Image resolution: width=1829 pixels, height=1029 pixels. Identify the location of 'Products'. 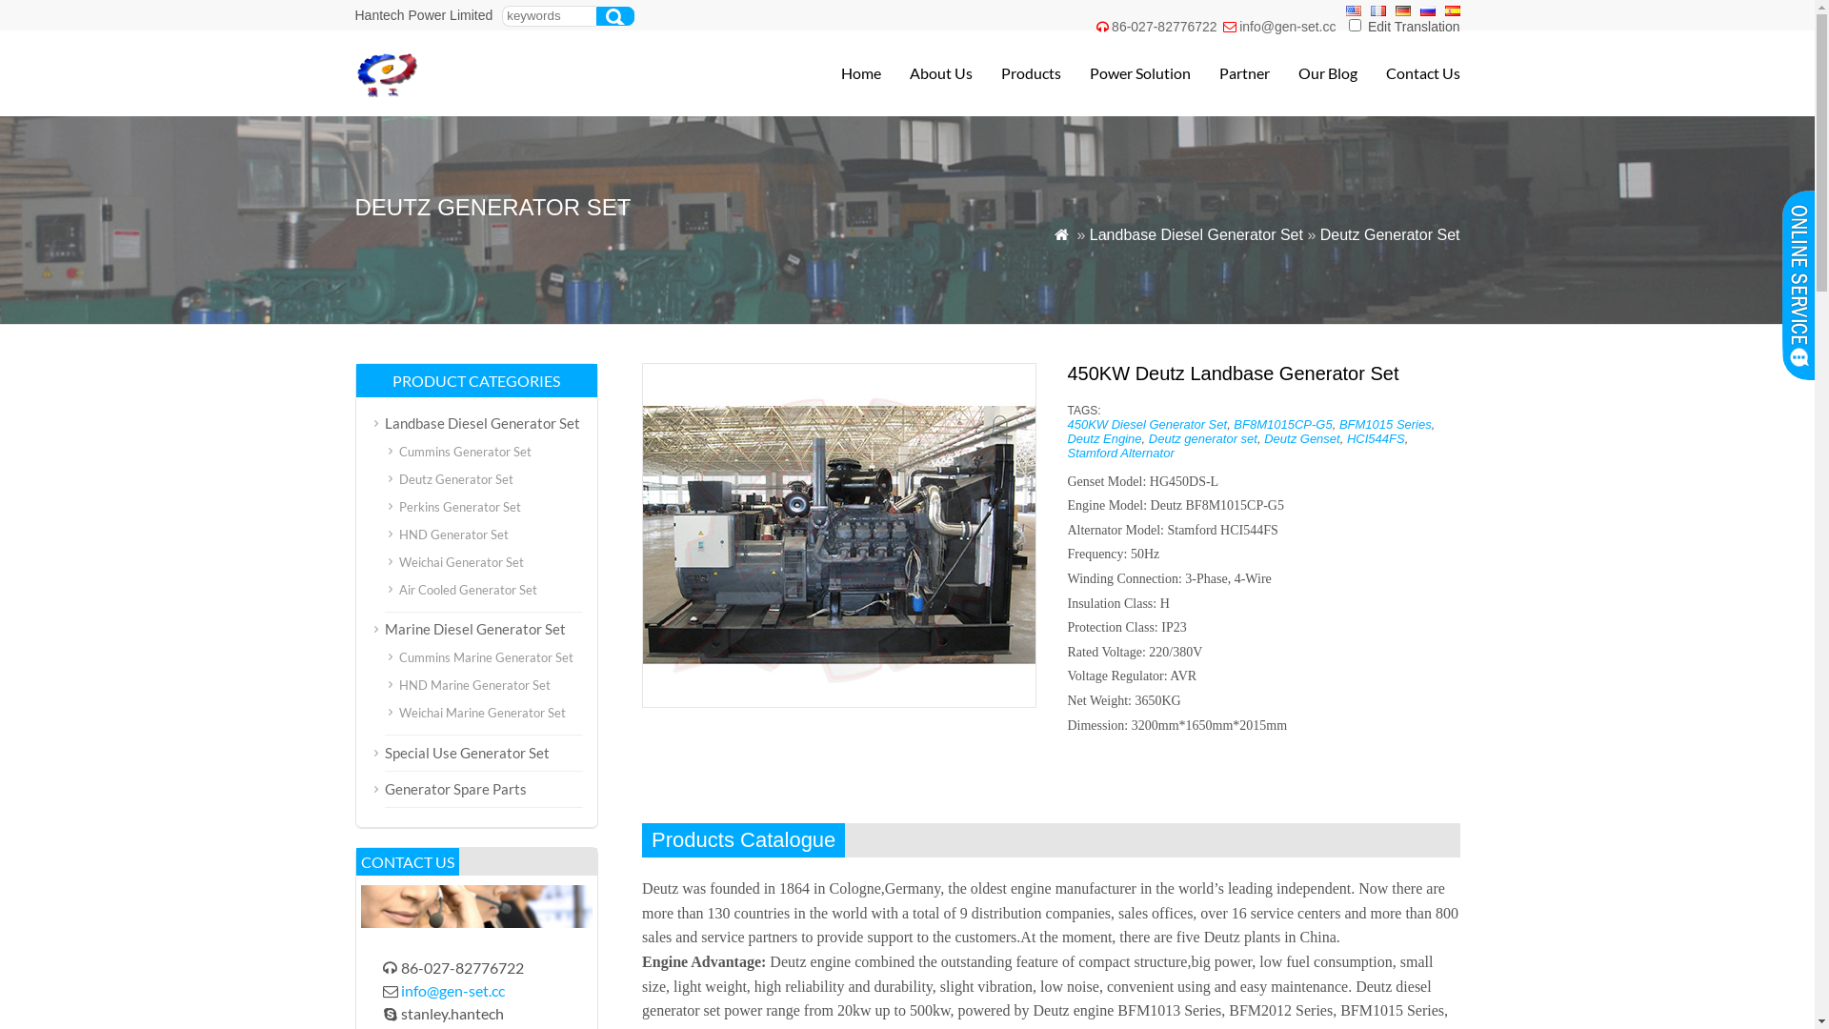
(1015, 72).